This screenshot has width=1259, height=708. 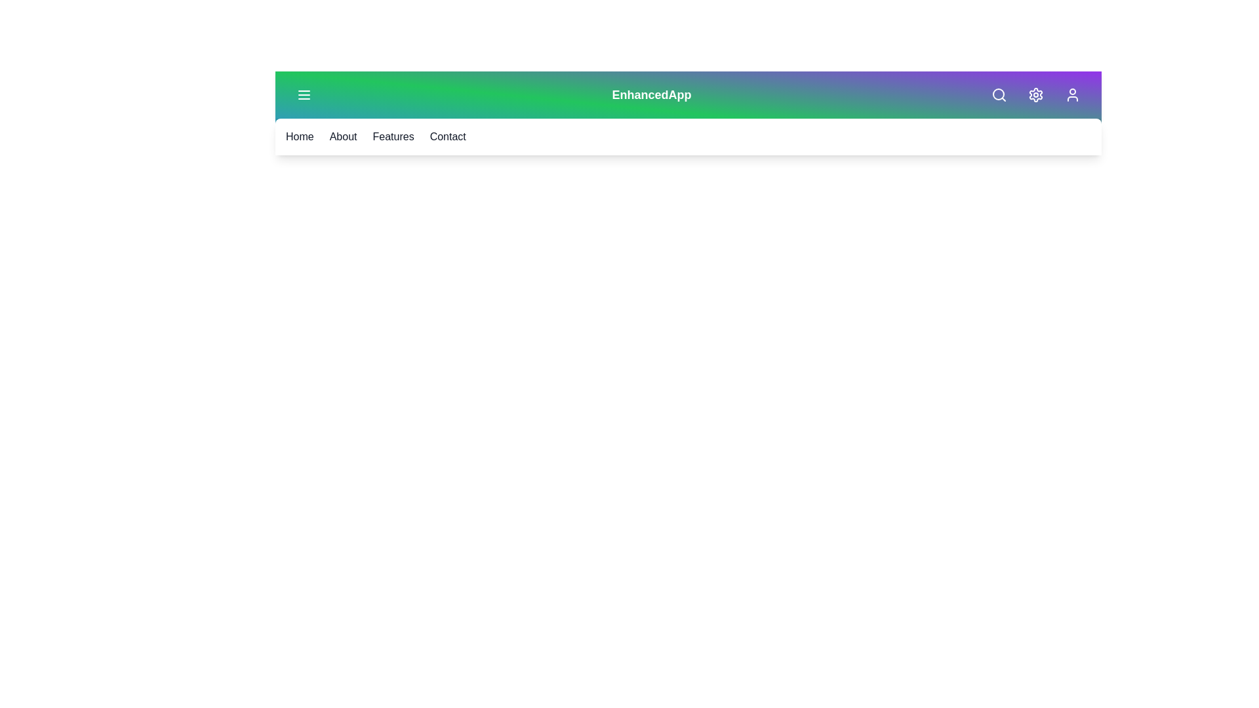 I want to click on the 'Profile' icon to view the user profile, so click(x=1073, y=94).